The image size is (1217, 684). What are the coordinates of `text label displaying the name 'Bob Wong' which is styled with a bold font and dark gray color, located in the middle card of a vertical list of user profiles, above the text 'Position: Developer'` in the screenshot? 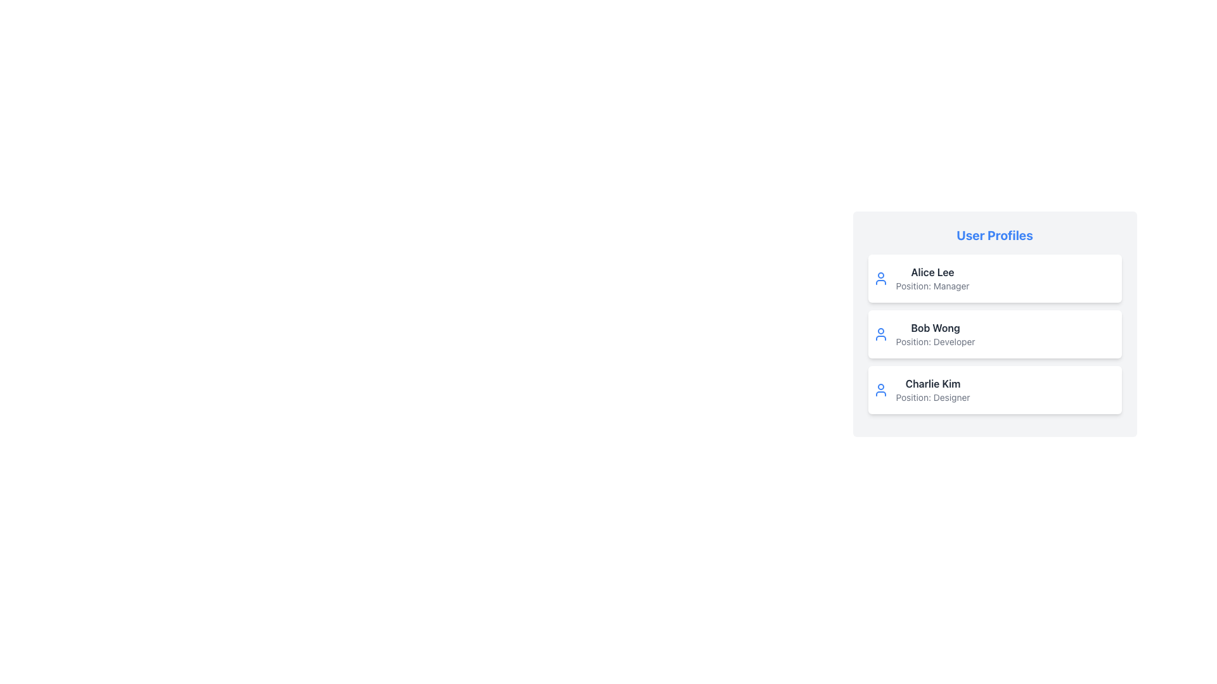 It's located at (936, 327).